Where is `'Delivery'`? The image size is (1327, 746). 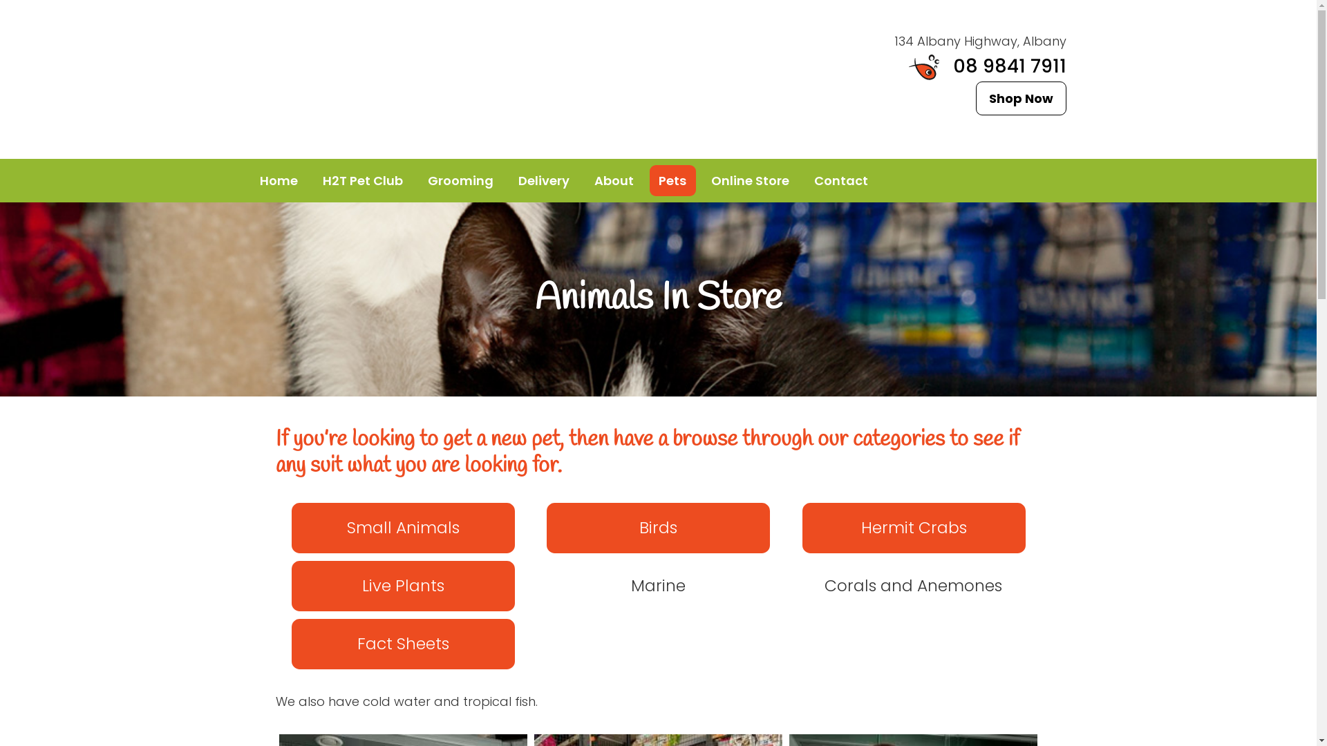 'Delivery' is located at coordinates (507, 180).